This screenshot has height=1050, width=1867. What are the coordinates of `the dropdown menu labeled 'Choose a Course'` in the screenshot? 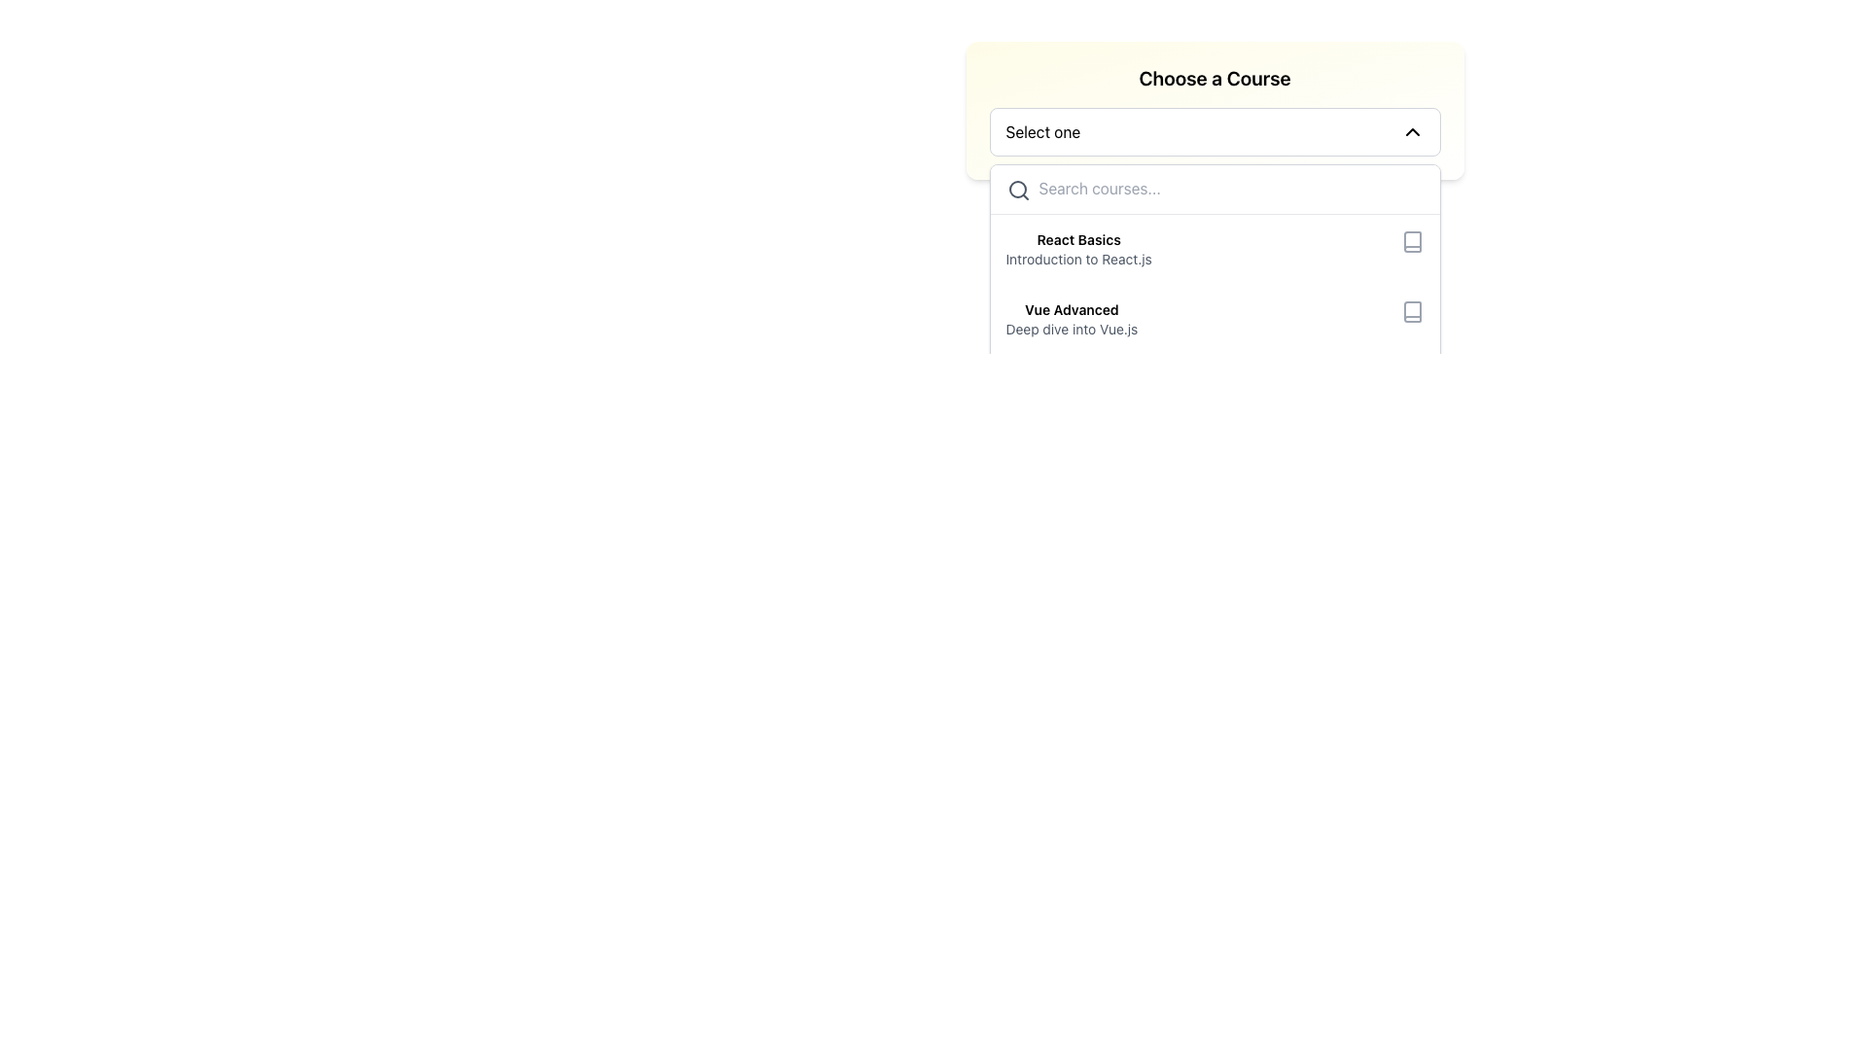 It's located at (1214, 111).